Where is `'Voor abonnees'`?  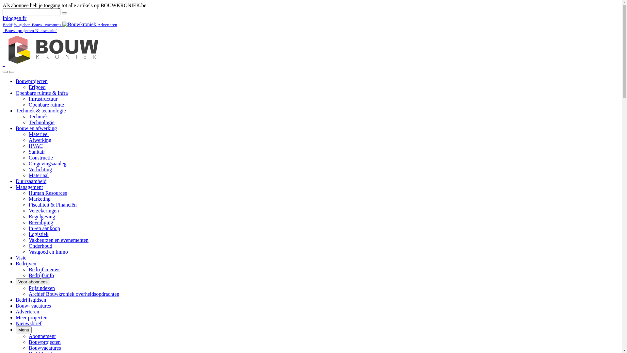
'Voor abonnees' is located at coordinates (32, 281).